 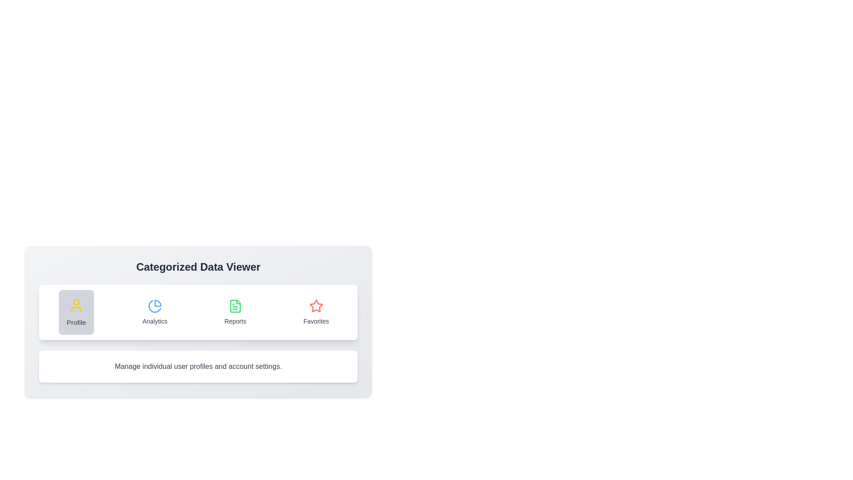 What do you see at coordinates (315, 312) in the screenshot?
I see `the tab labeled Favorites to switch to its content` at bounding box center [315, 312].